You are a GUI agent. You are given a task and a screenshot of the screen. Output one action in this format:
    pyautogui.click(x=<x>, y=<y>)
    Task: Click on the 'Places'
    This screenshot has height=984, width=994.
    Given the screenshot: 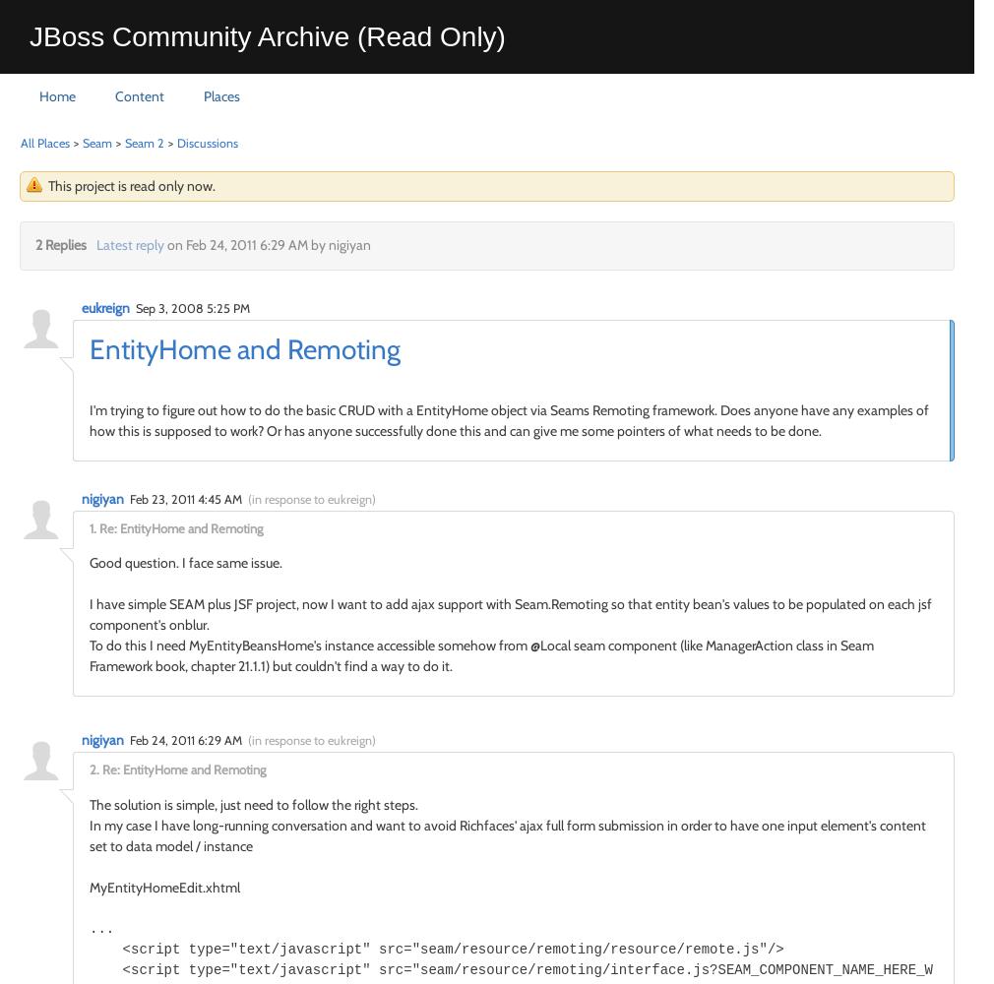 What is the action you would take?
    pyautogui.click(x=220, y=95)
    